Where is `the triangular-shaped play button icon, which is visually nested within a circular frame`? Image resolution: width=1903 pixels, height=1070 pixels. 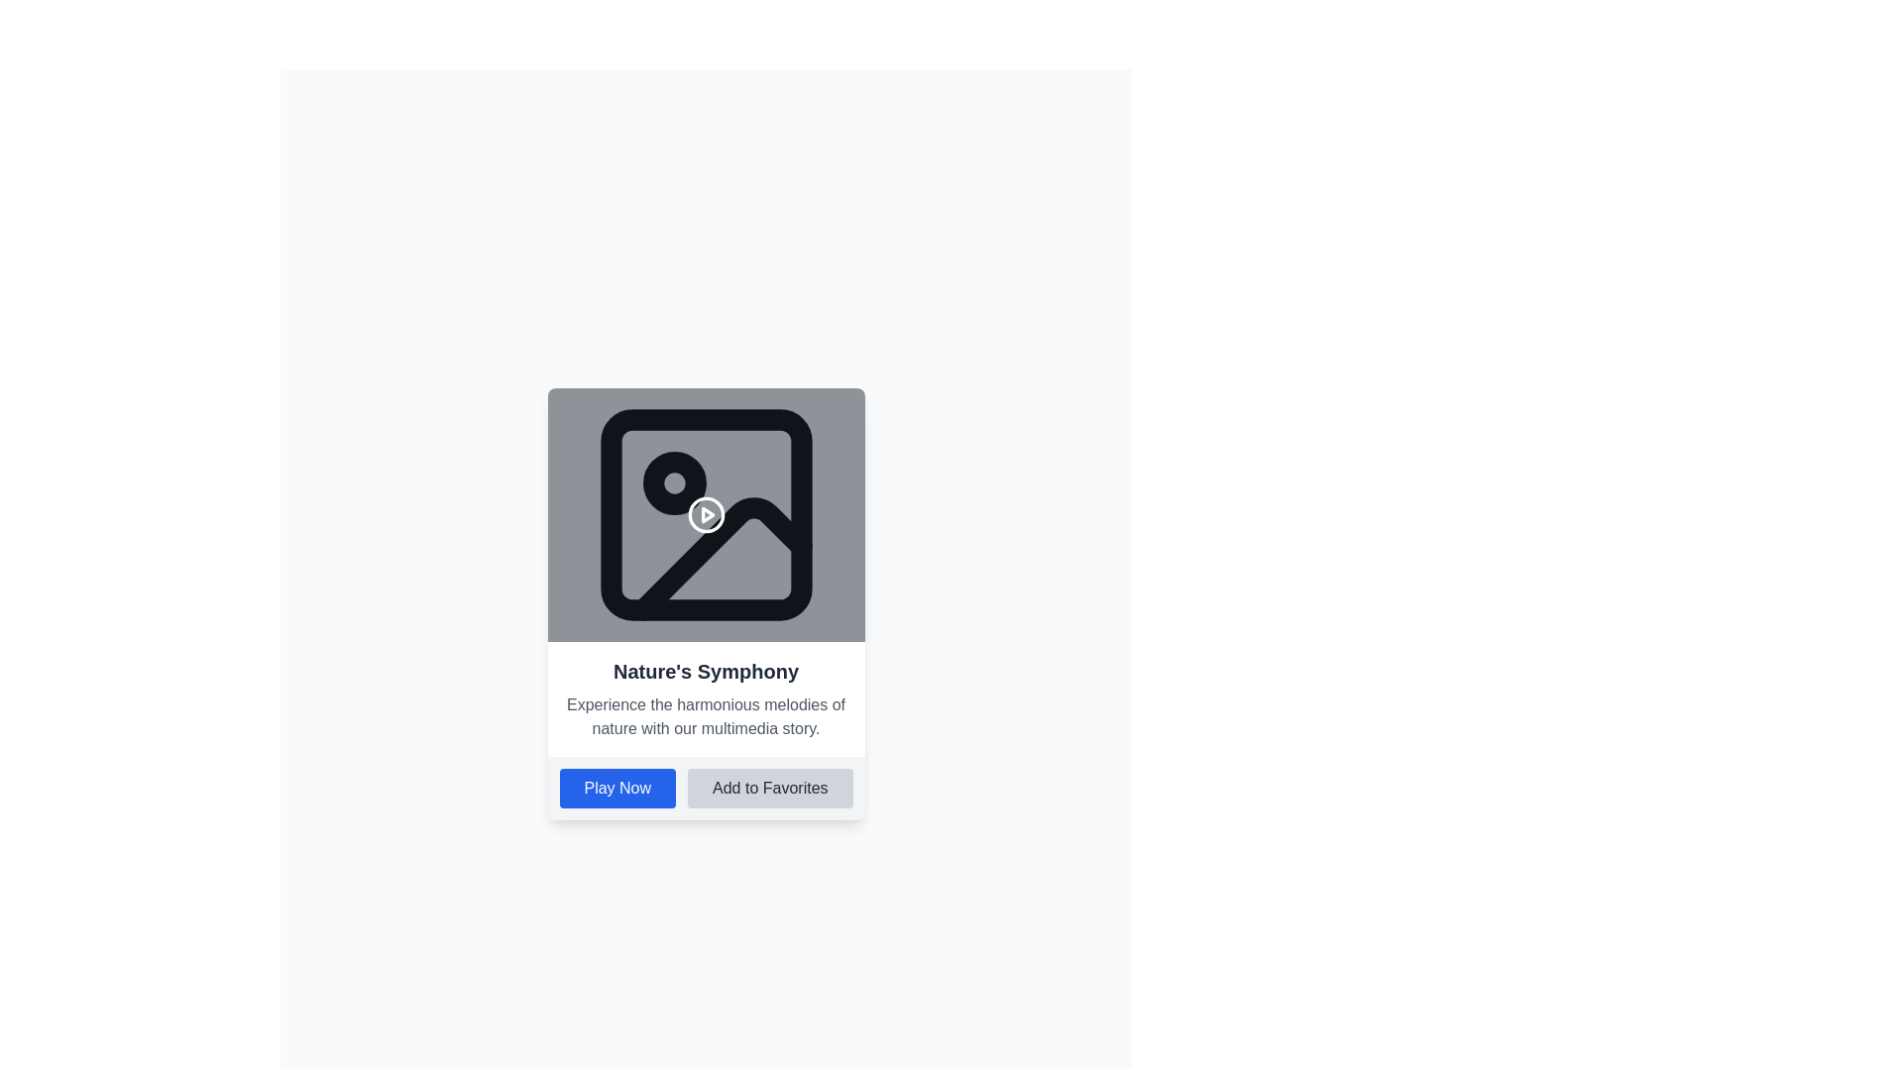 the triangular-shaped play button icon, which is visually nested within a circular frame is located at coordinates (708, 514).